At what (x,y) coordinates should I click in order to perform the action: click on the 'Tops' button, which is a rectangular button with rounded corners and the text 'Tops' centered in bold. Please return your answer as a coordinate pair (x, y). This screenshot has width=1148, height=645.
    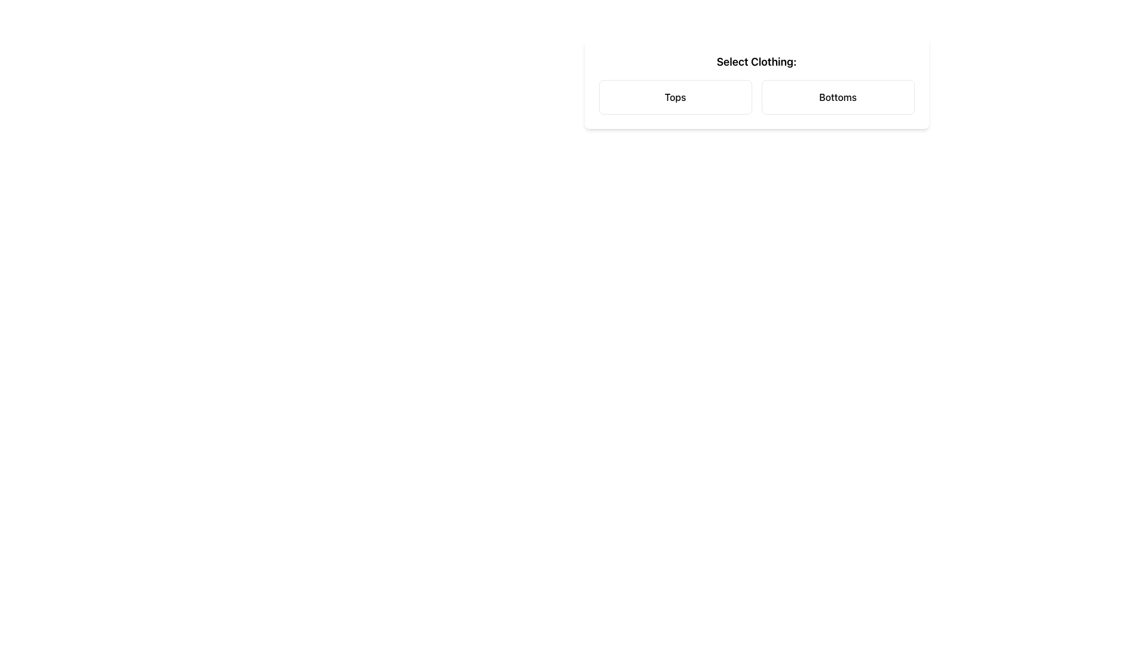
    Looking at the image, I should click on (675, 96).